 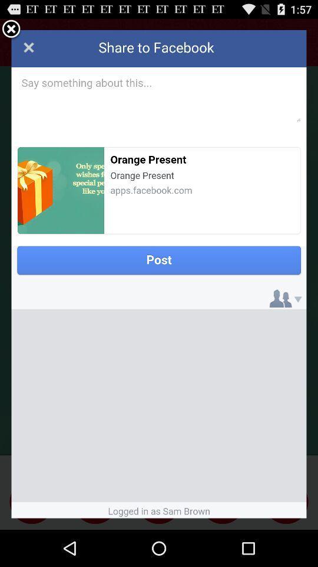 I want to click on share to facebook, so click(x=159, y=274).